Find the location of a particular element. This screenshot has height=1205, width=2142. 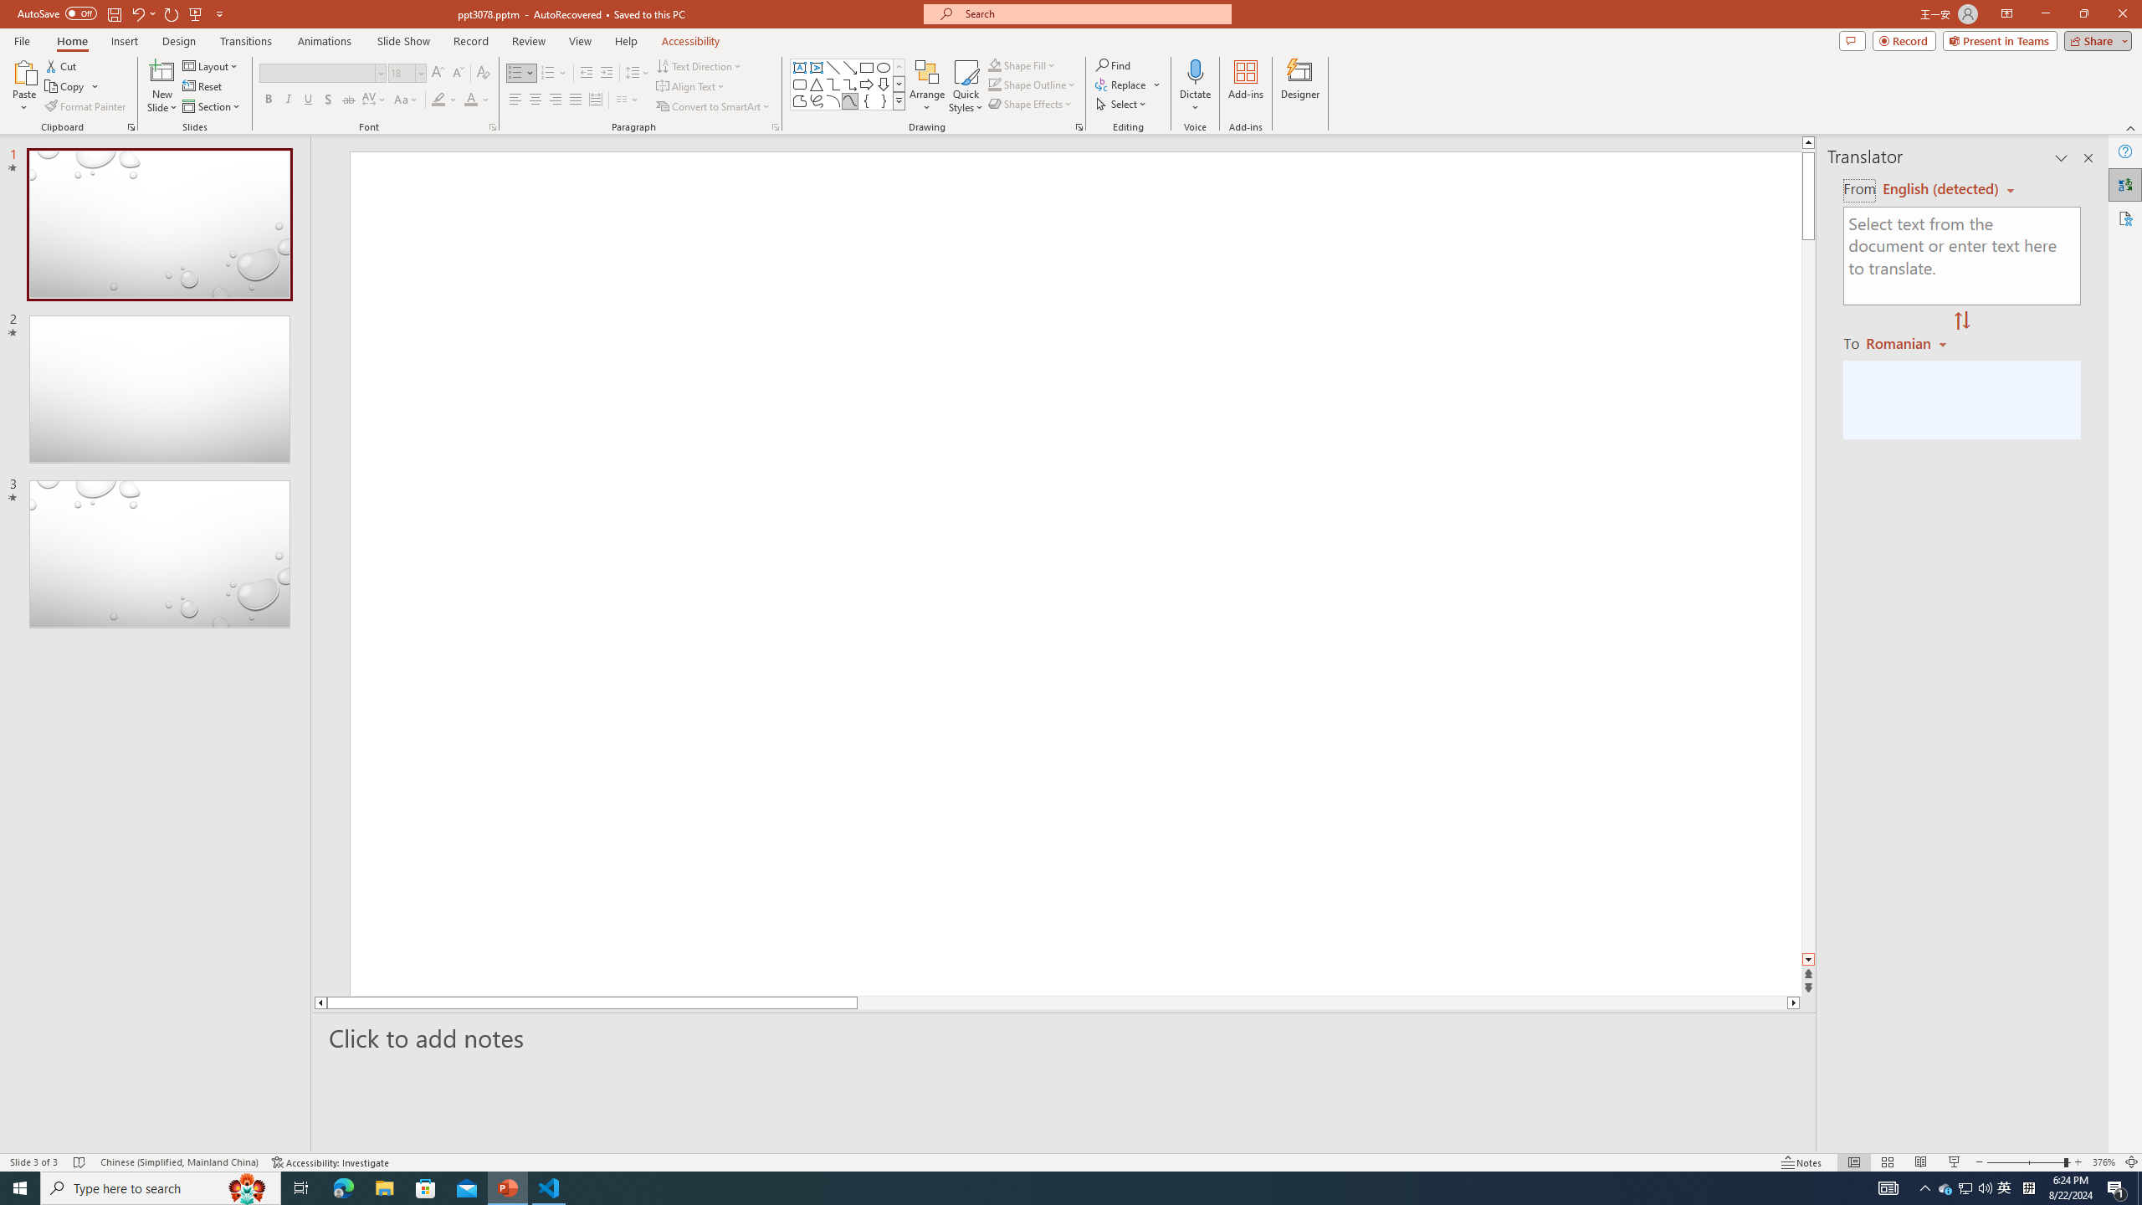

'Connector: Elbow' is located at coordinates (832, 83).